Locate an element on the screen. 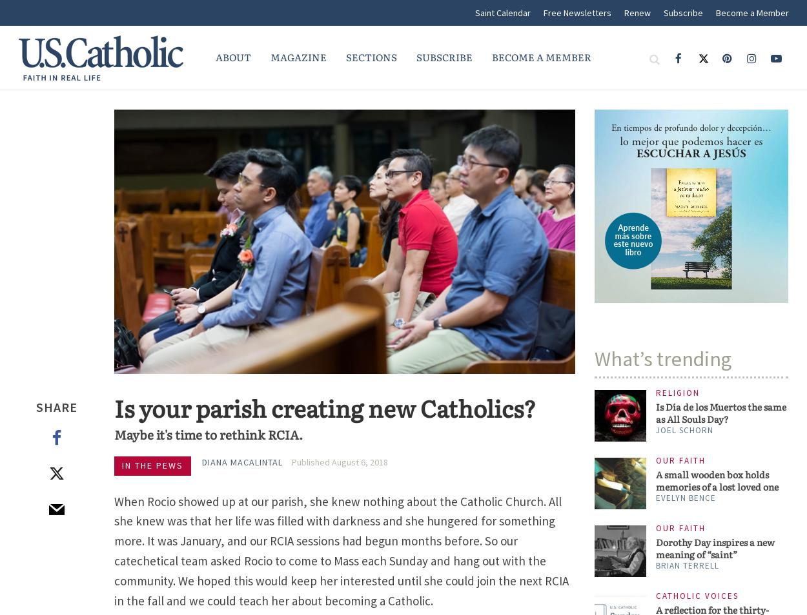 This screenshot has width=807, height=615. 'A small wooden box holds memories of a lost loved one' is located at coordinates (656, 480).